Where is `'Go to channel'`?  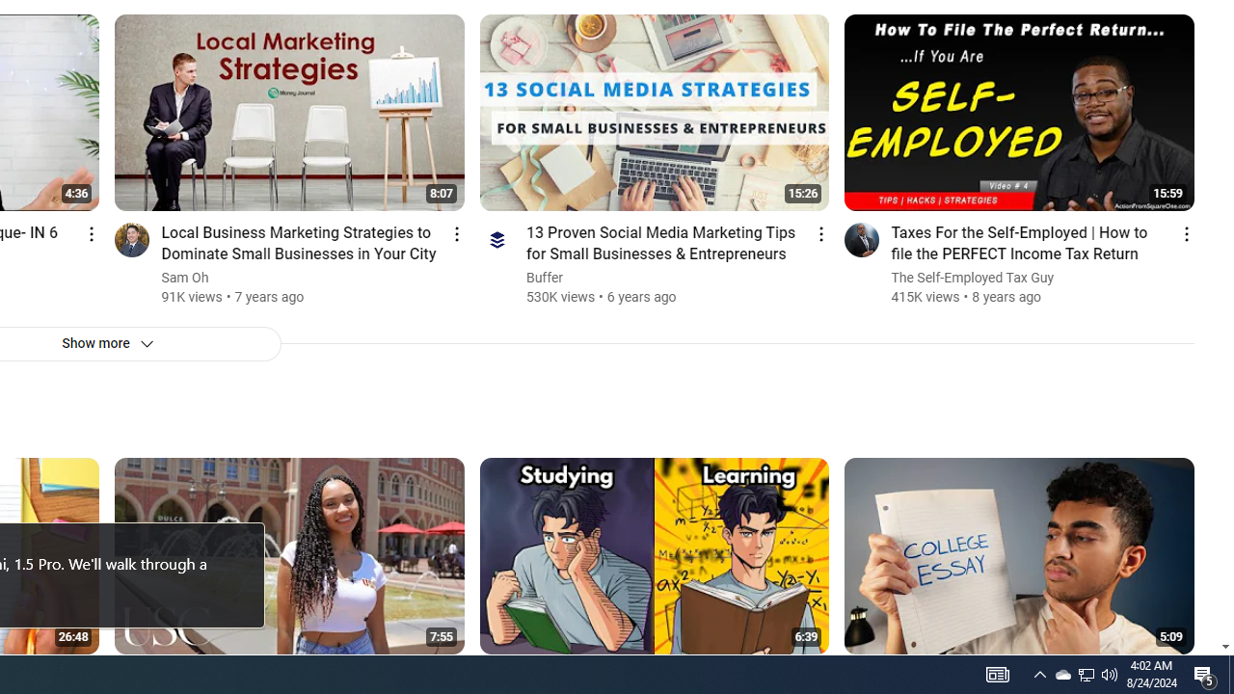
'Go to channel' is located at coordinates (861, 238).